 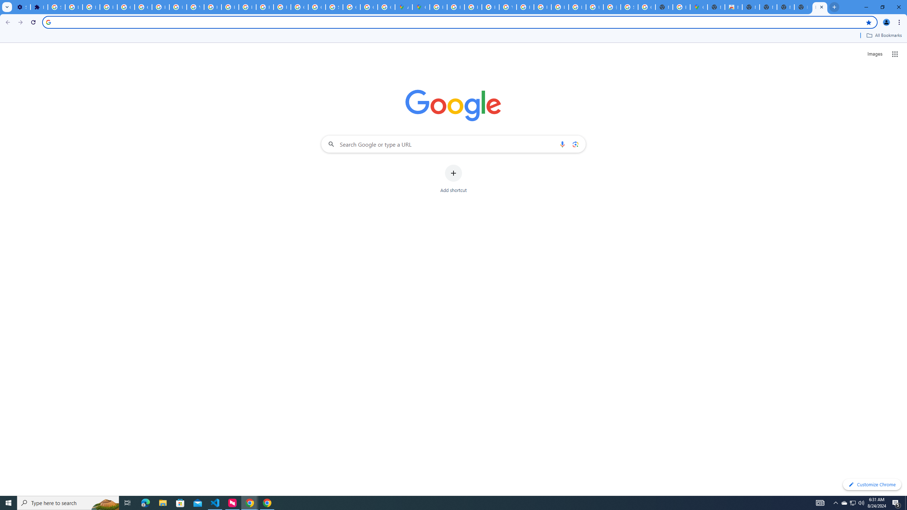 What do you see at coordinates (458, 22) in the screenshot?
I see `'Address and search bar'` at bounding box center [458, 22].